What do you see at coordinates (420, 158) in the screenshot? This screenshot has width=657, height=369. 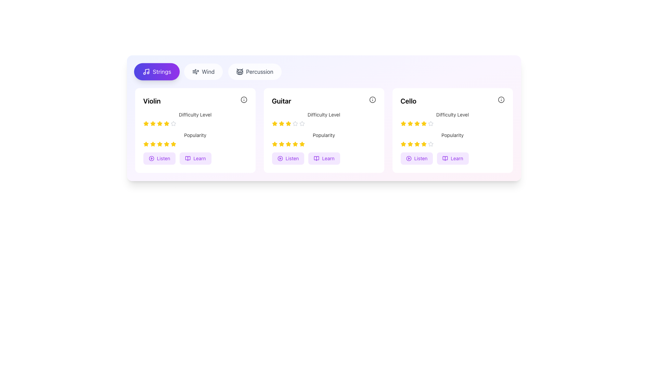 I see `the 'Listen' text label within the button in the 'Cello' section` at bounding box center [420, 158].